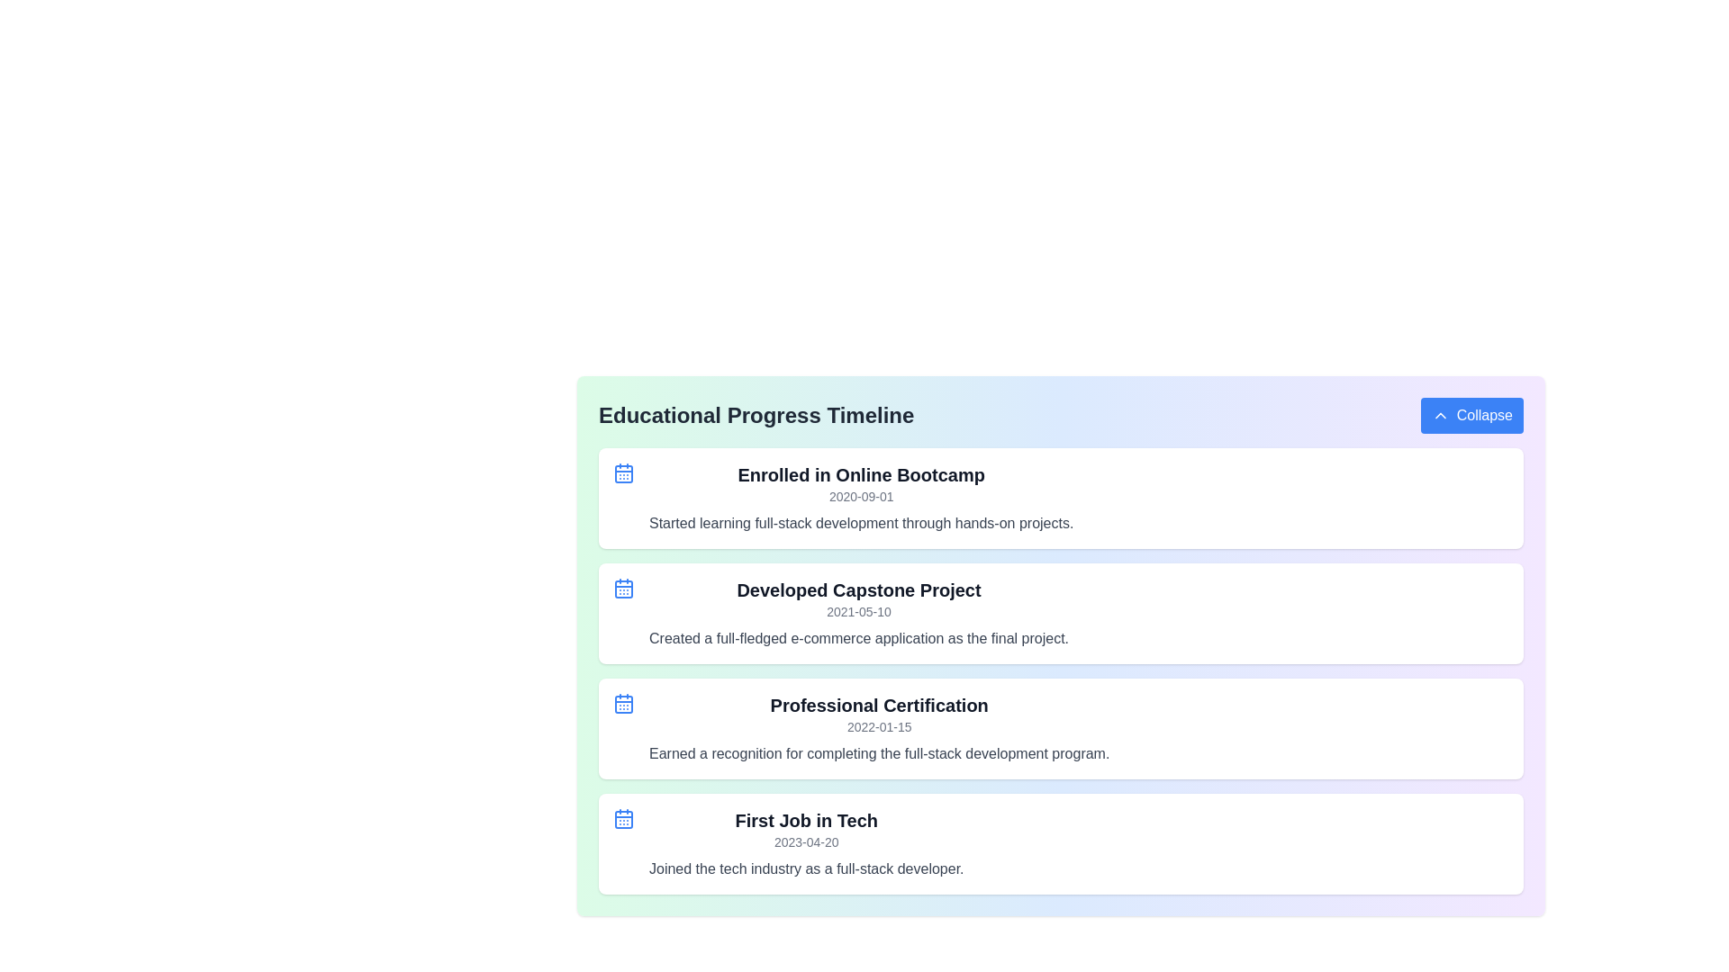 This screenshot has height=972, width=1729. Describe the element at coordinates (860, 524) in the screenshot. I see `the text element that reads 'Started learning full-stack development through hands-on projects.' which is styled with a gray font color and is located under the title 'Enrolled in Online Bootcamp'` at that location.